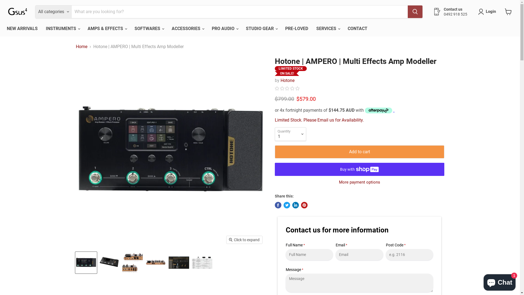  Describe the element at coordinates (83, 28) in the screenshot. I see `'AMPS & EFFECTS'` at that location.